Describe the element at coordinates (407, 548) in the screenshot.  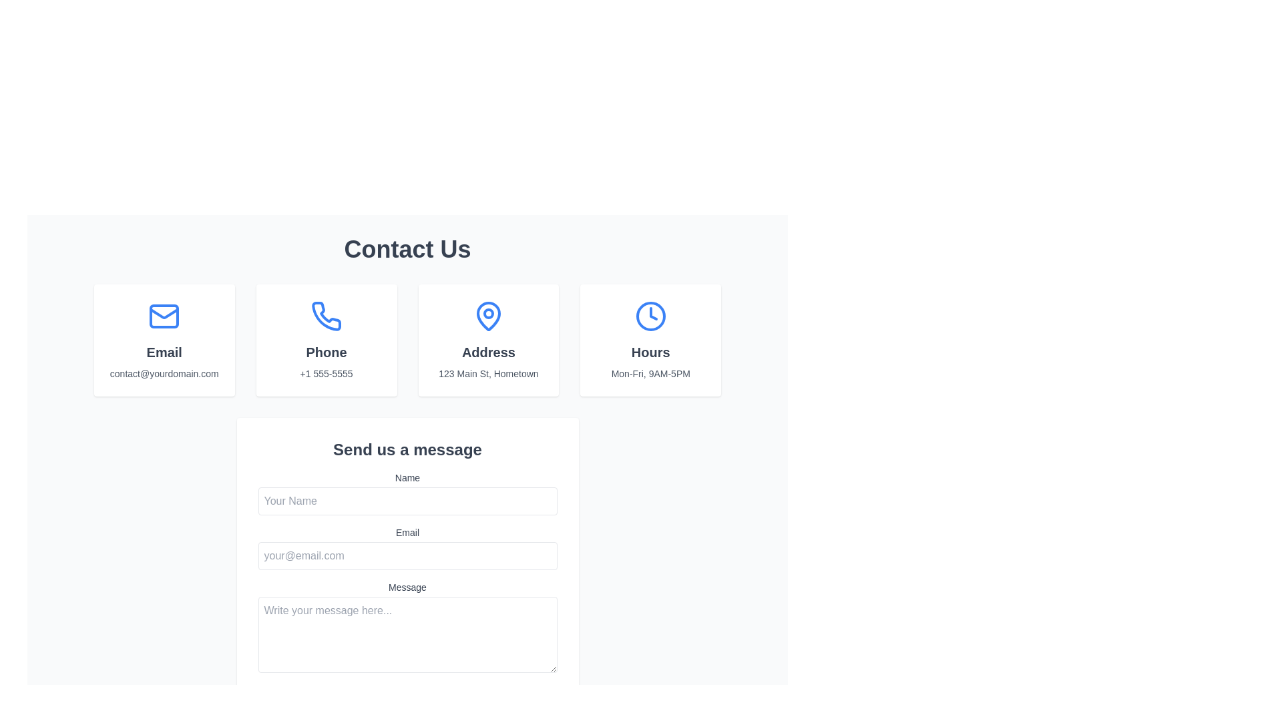
I see `the email input field located in the 'Send us a message' section, which is the second input field below the 'Name' input field` at that location.